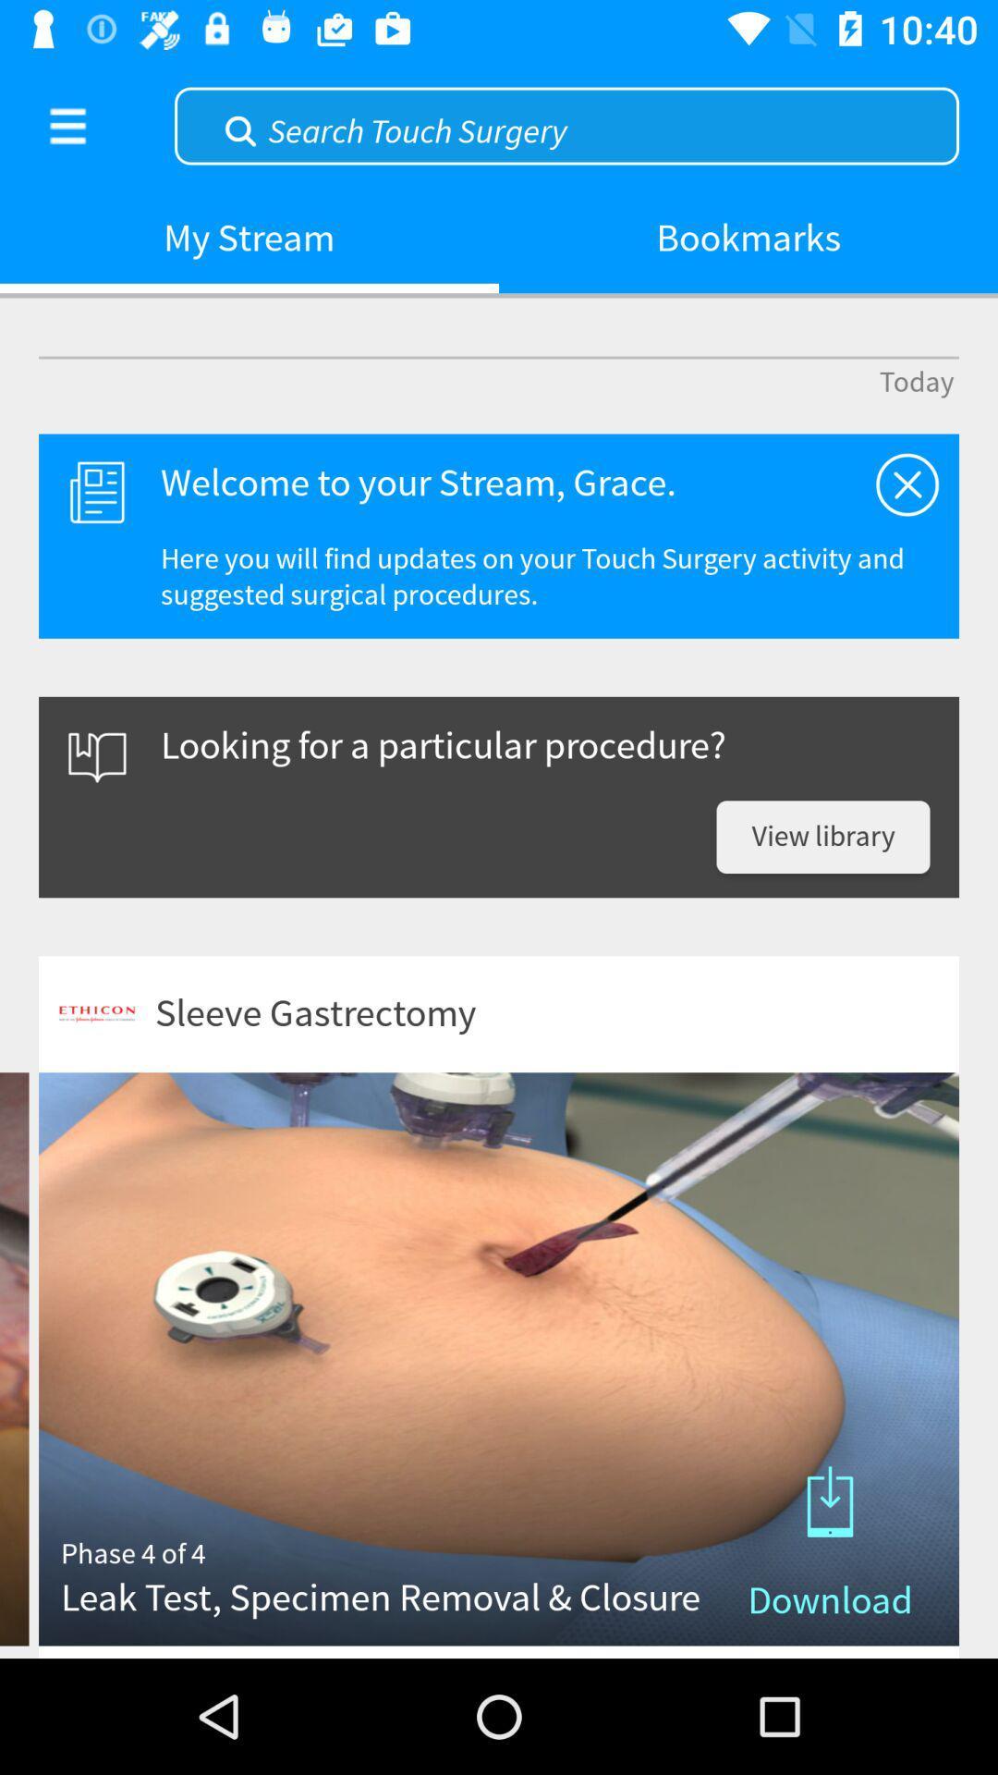  Describe the element at coordinates (566, 123) in the screenshot. I see `search bar` at that location.